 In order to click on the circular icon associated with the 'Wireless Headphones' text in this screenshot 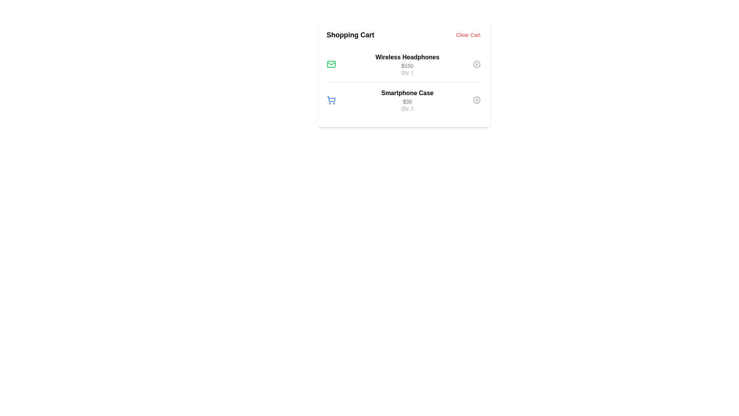, I will do `click(476, 64)`.